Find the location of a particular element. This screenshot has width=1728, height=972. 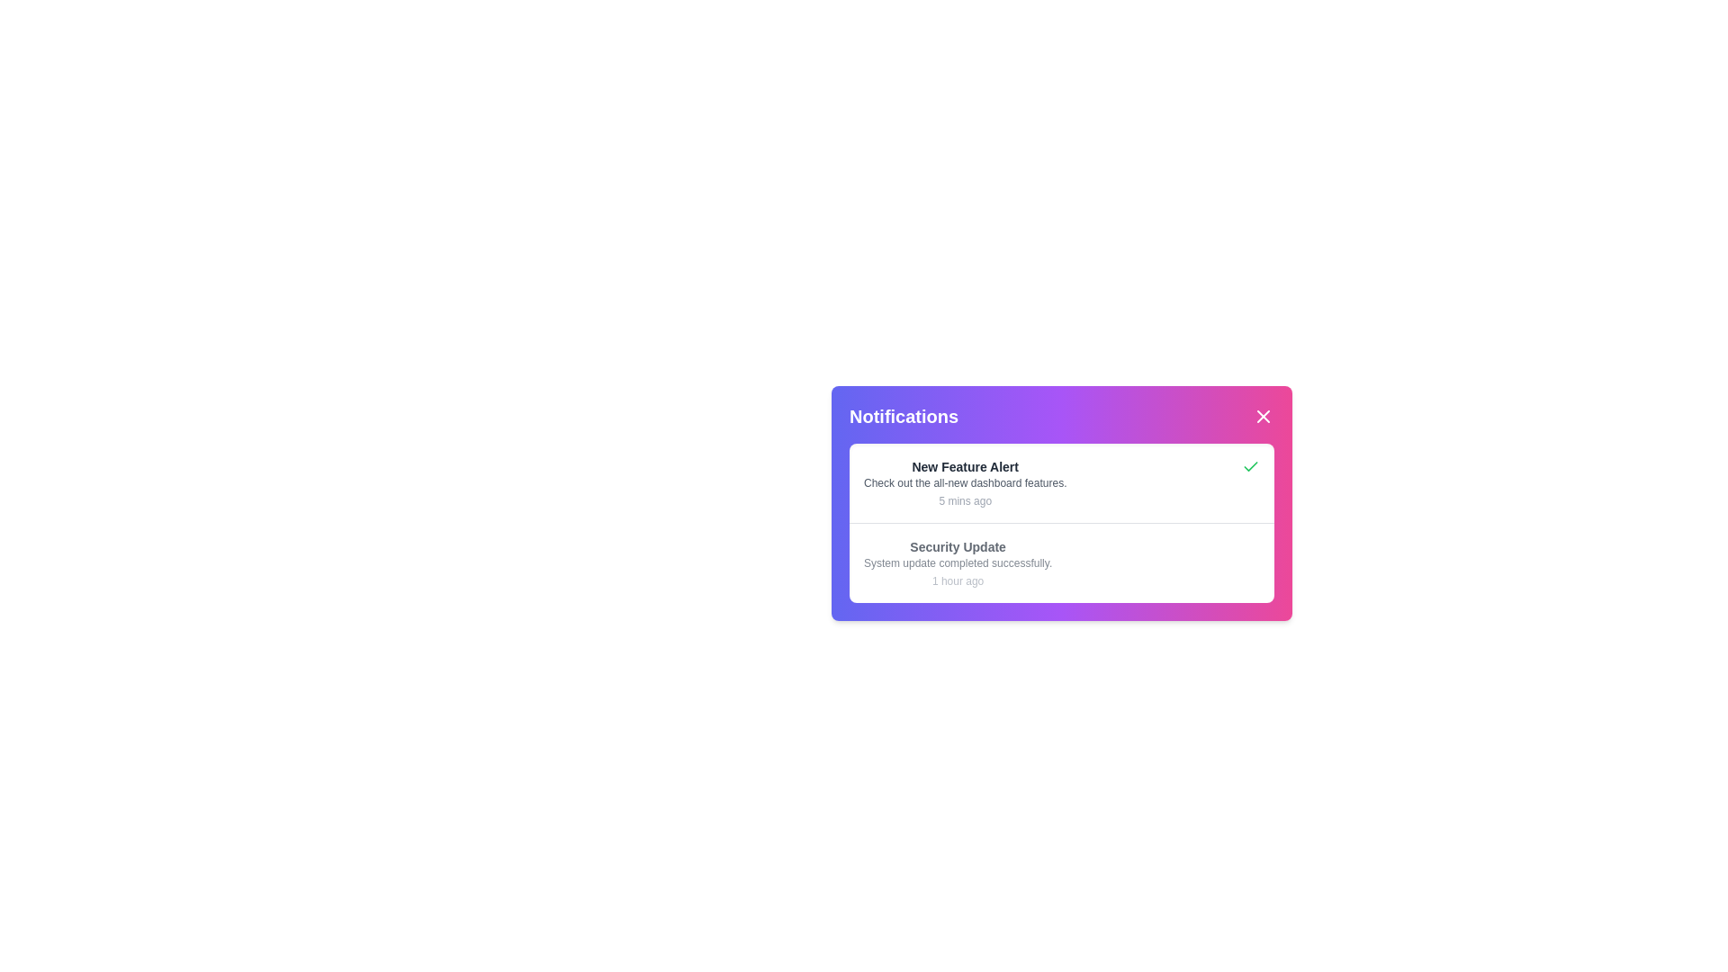

text 'Security Update' which is the title of the second notification item in the notification panel, displayed in bold dark gray font is located at coordinates (957, 546).